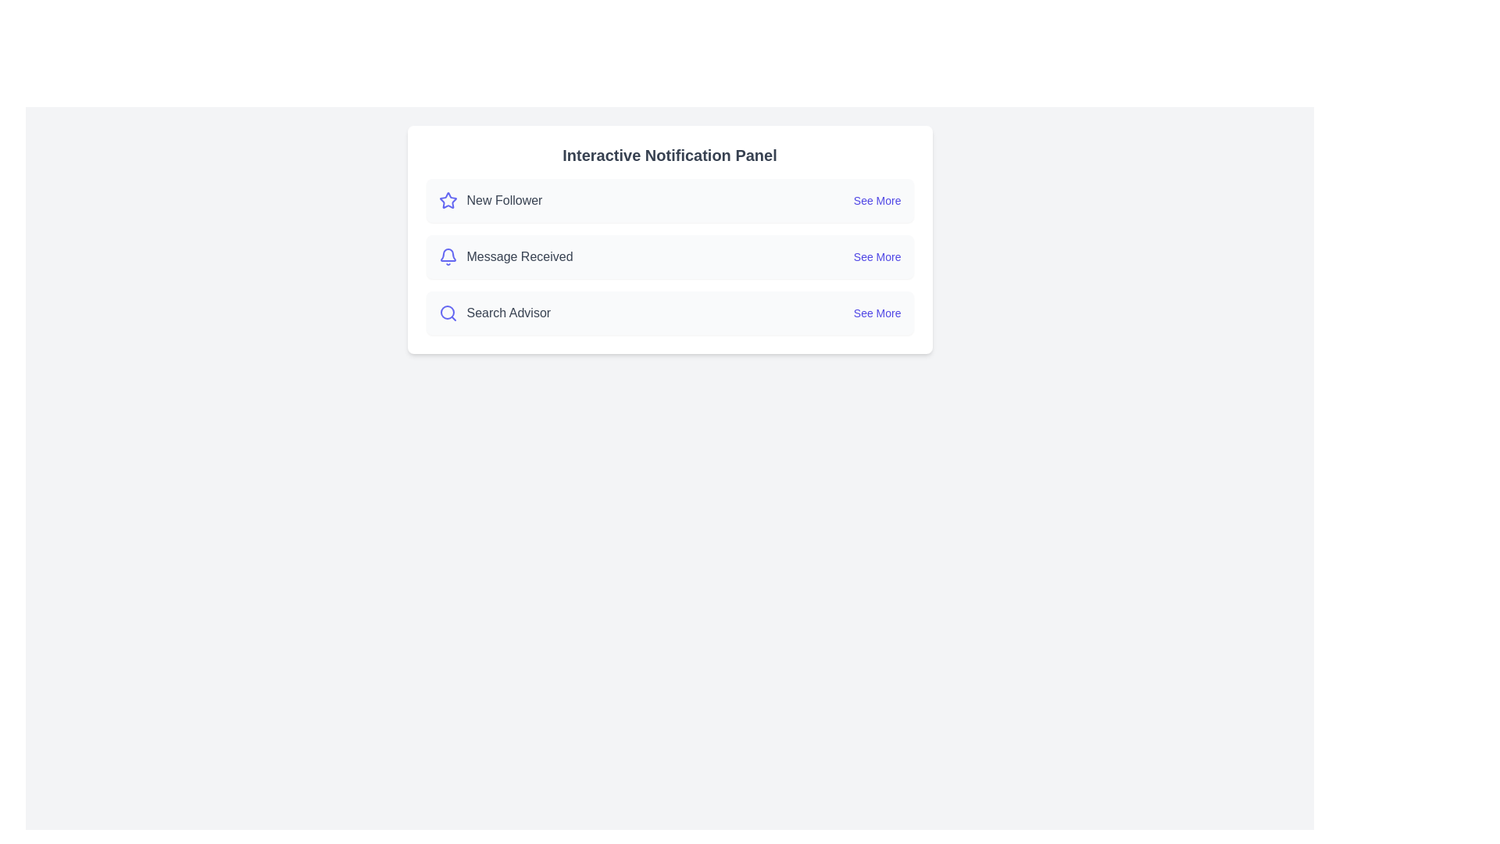 This screenshot has width=1500, height=844. I want to click on the star icon that indicates a 'New Follower' notification, located at the far left of the first row in the notification panel, adjacent to the 'New Follower' text, so click(447, 200).